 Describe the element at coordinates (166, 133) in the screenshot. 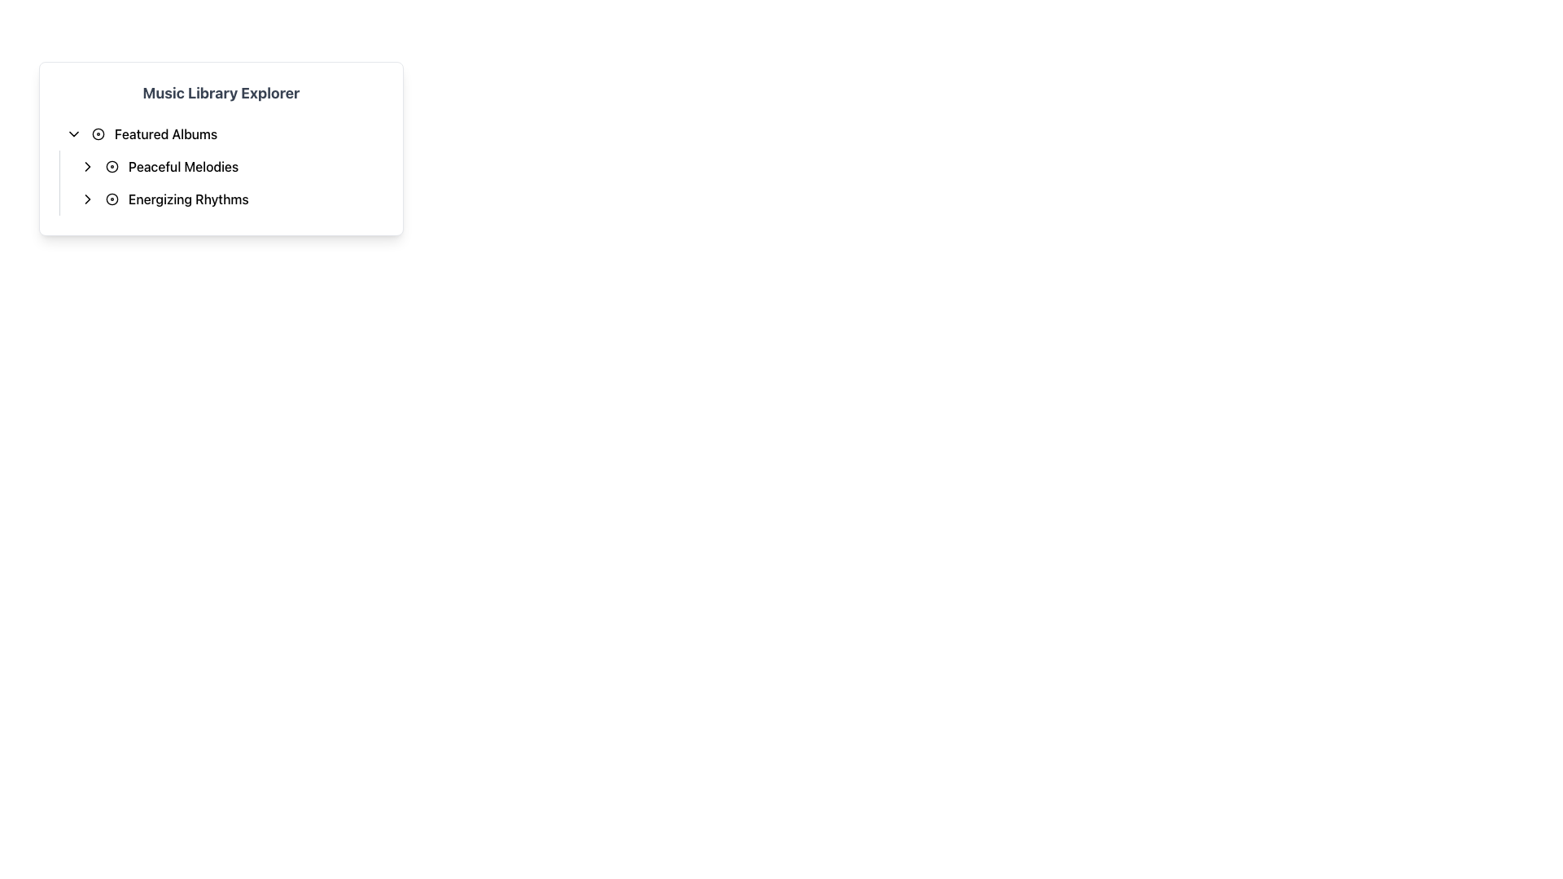

I see `the 'Featured Albums' text label in the vertical navigation menu, which is aligned with a circular music icon and a chevron for dropdown functionality` at that location.